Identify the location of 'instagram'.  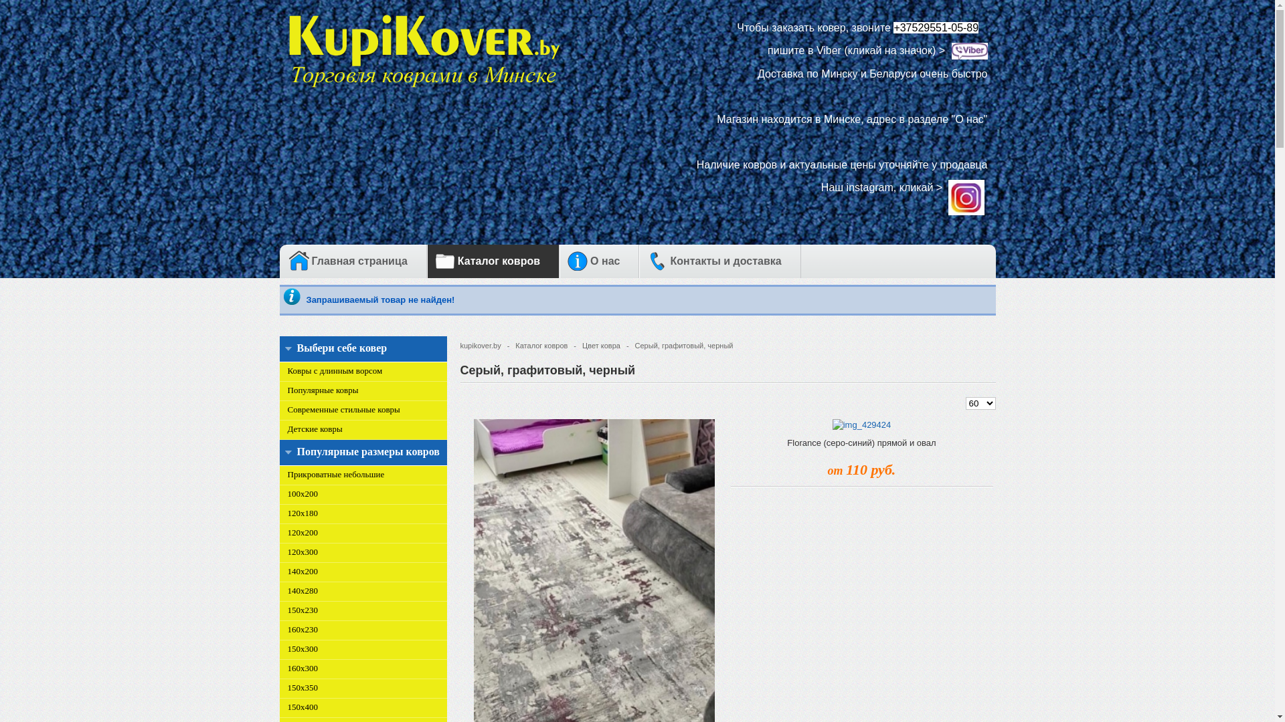
(966, 187).